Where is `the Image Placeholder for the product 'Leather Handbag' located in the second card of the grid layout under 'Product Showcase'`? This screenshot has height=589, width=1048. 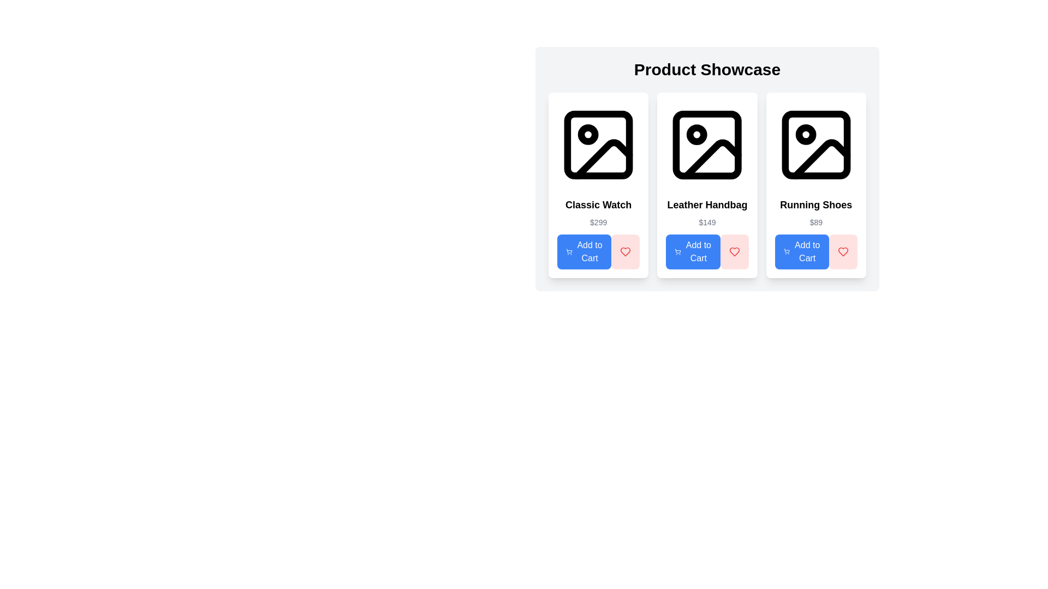
the Image Placeholder for the product 'Leather Handbag' located in the second card of the grid layout under 'Product Showcase' is located at coordinates (707, 169).